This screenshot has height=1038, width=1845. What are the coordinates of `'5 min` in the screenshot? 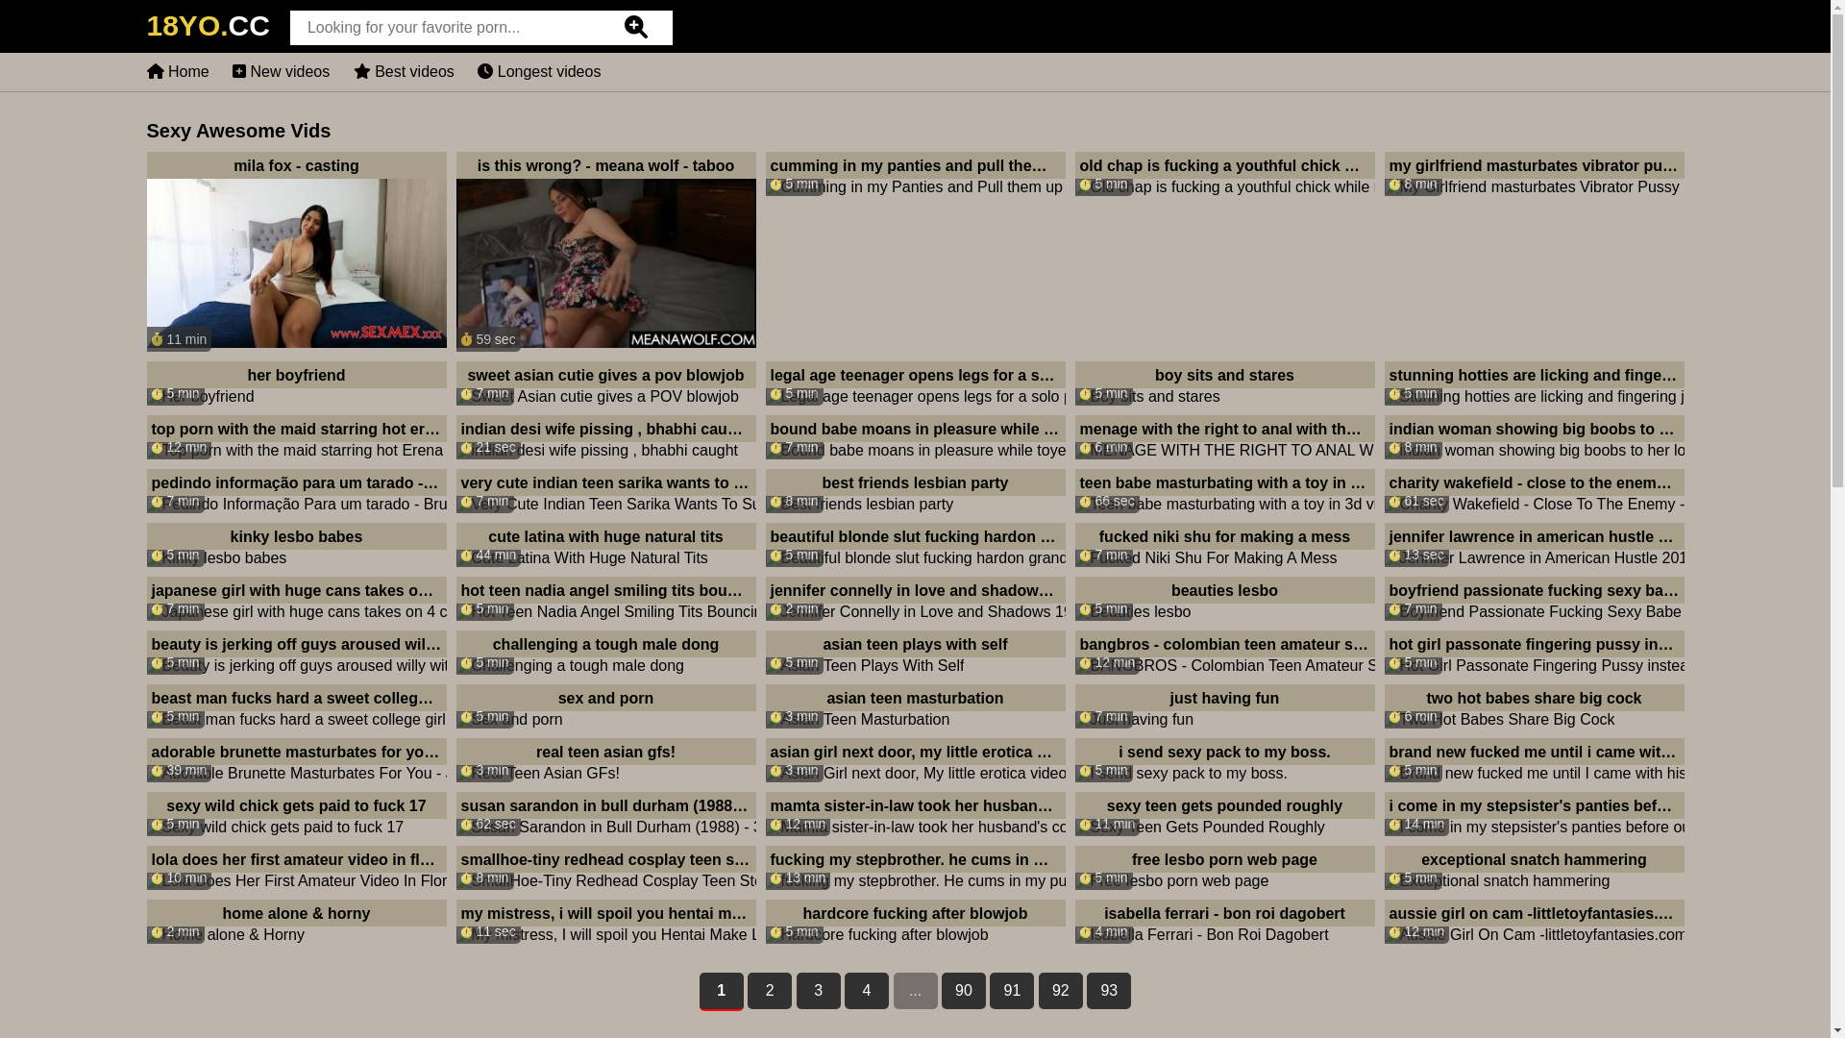 It's located at (913, 921).